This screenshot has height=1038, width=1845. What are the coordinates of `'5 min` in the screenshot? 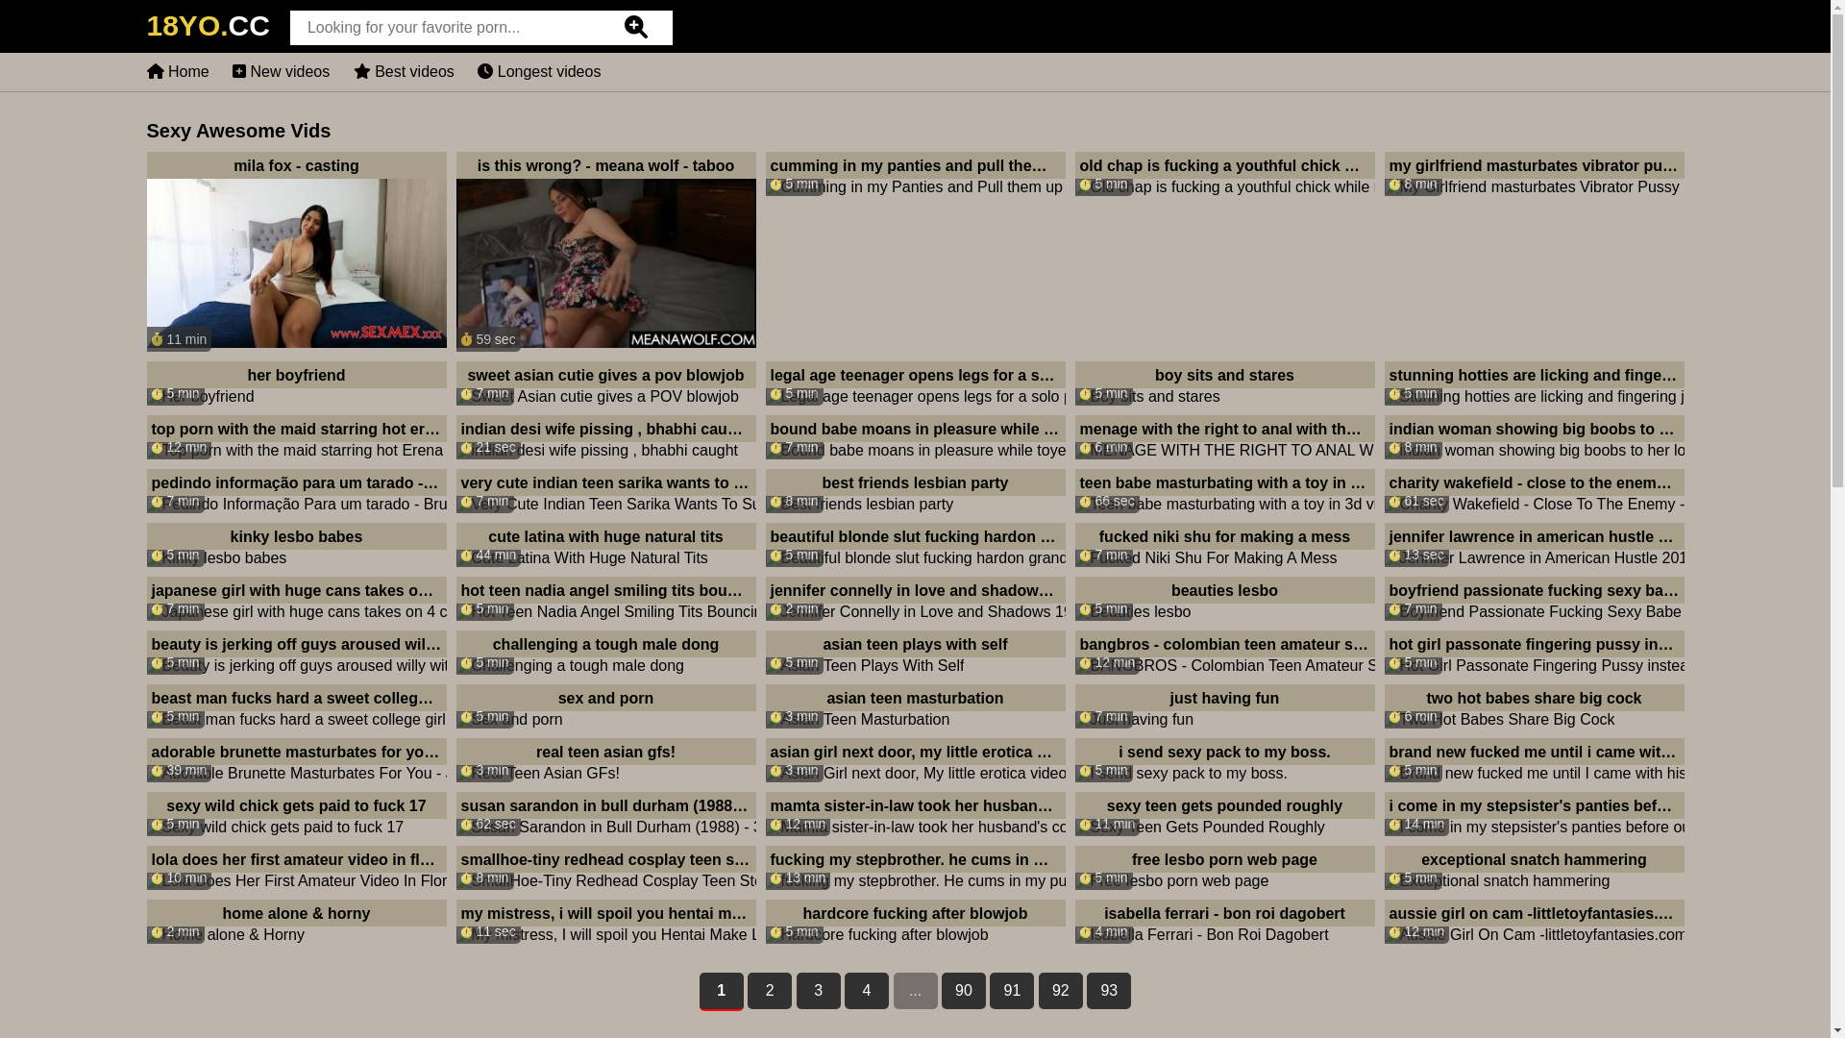 It's located at (913, 921).